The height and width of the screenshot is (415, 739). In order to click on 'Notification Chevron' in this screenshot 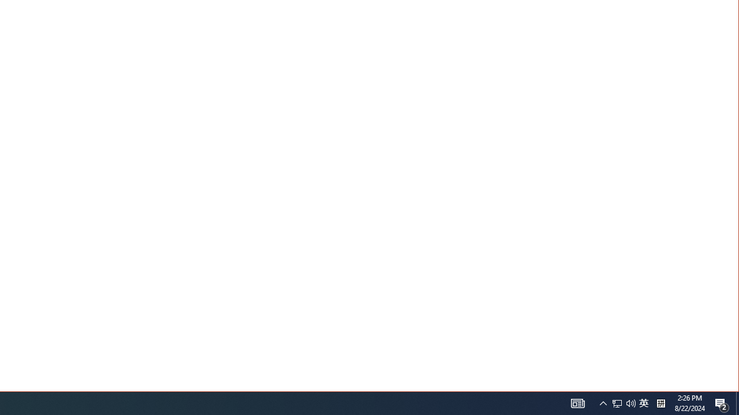, I will do `click(603, 402)`.